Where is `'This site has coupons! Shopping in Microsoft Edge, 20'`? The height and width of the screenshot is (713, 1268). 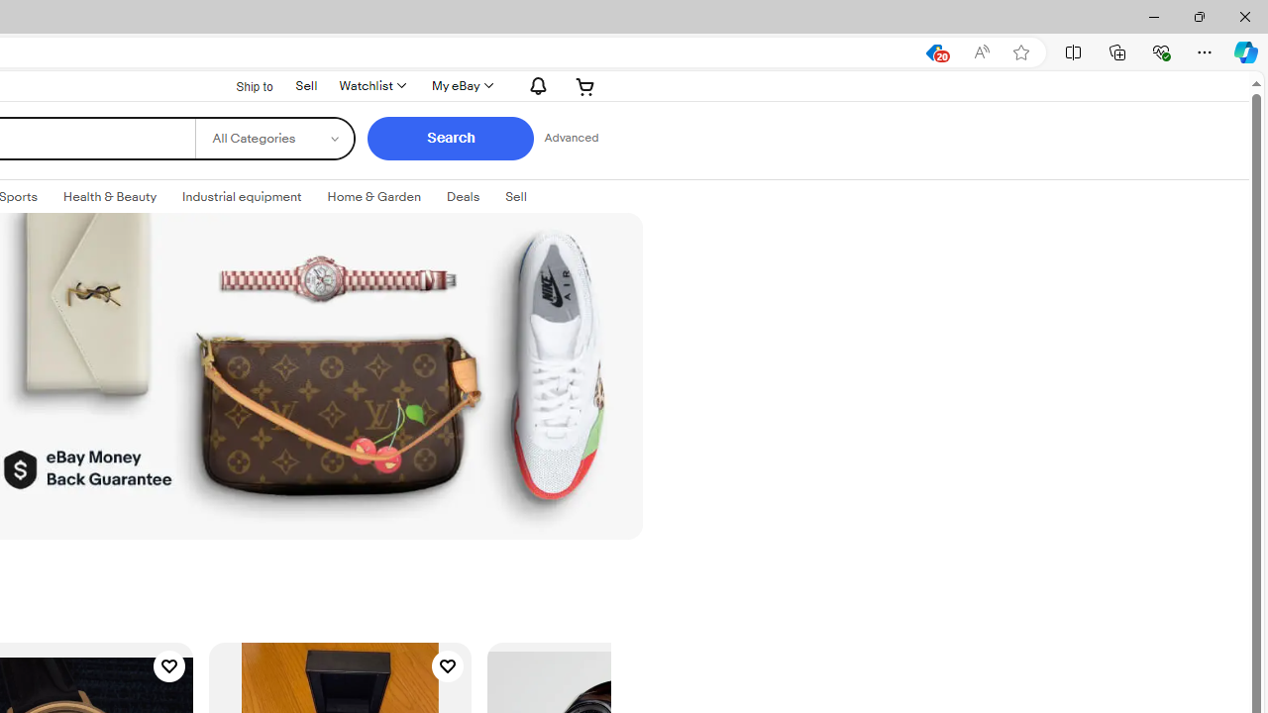 'This site has coupons! Shopping in Microsoft Edge, 20' is located at coordinates (933, 51).